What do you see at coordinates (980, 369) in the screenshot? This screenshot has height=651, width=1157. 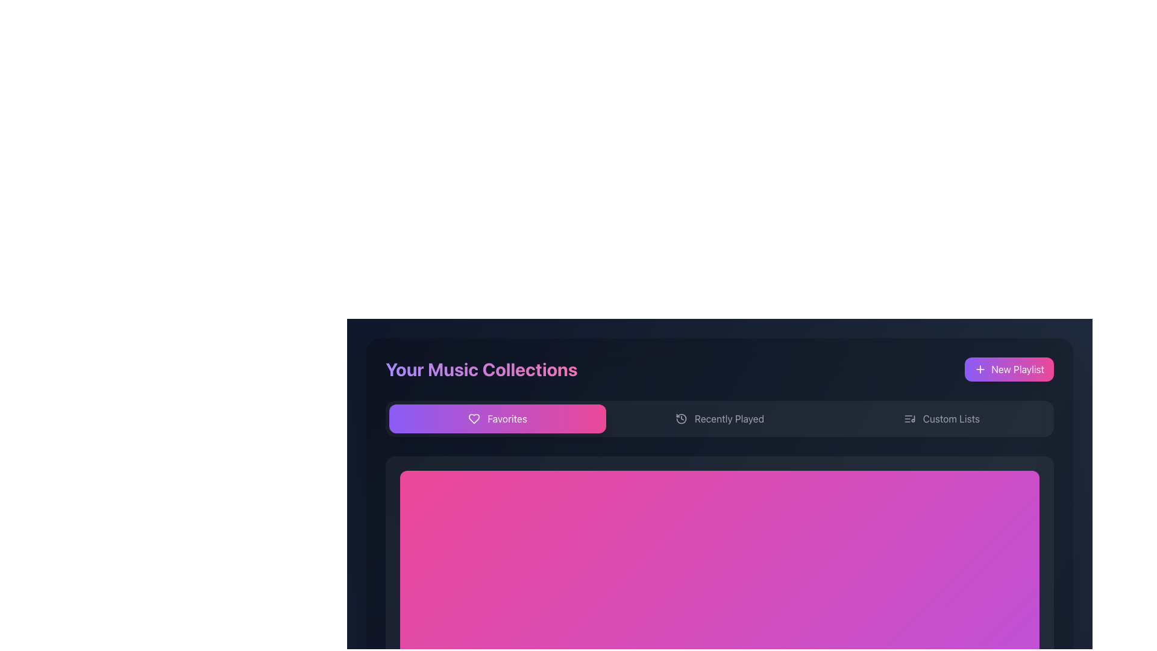 I see `the small white plus icon located on the purple-to-pink gradient 'New Playlist' button in the upper-right corner of the main content area` at bounding box center [980, 369].